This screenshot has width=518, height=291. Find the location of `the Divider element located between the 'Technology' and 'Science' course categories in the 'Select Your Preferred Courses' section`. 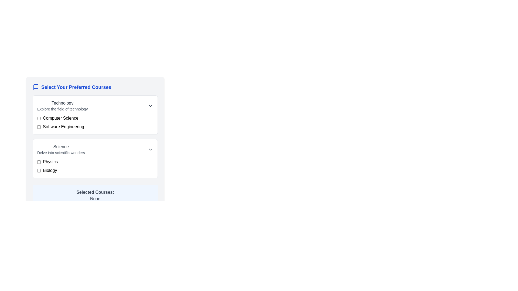

the Divider element located between the 'Technology' and 'Science' course categories in the 'Select Your Preferred Courses' section is located at coordinates (95, 137).